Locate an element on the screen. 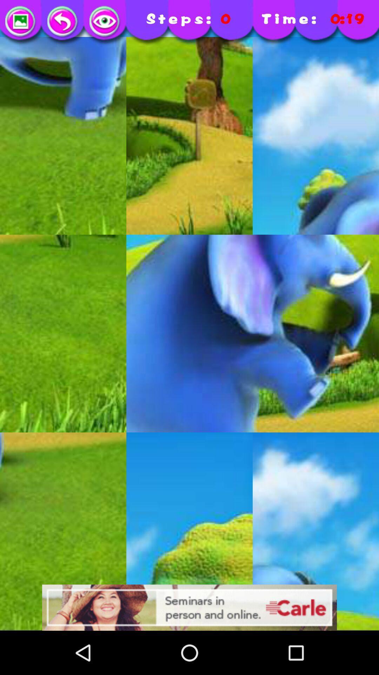 The height and width of the screenshot is (675, 379). images is located at coordinates (21, 22).